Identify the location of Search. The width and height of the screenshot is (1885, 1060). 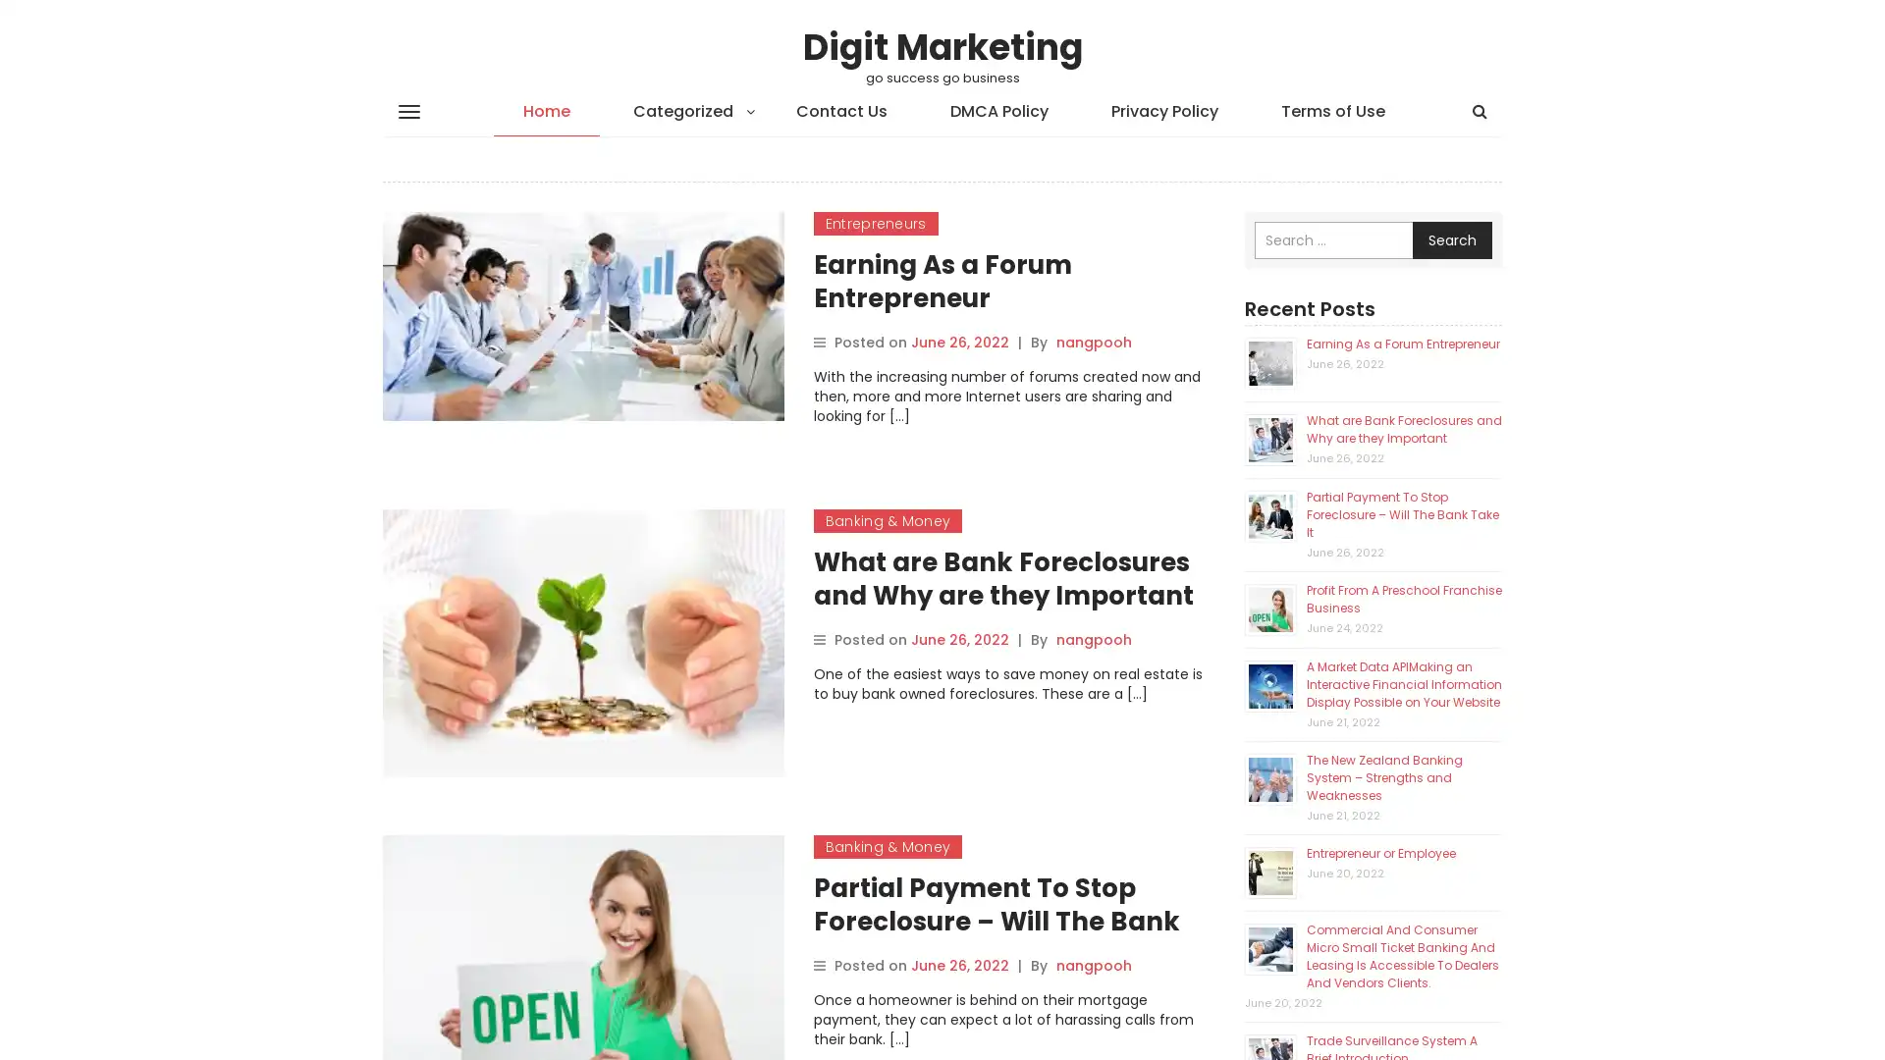
(1452, 239).